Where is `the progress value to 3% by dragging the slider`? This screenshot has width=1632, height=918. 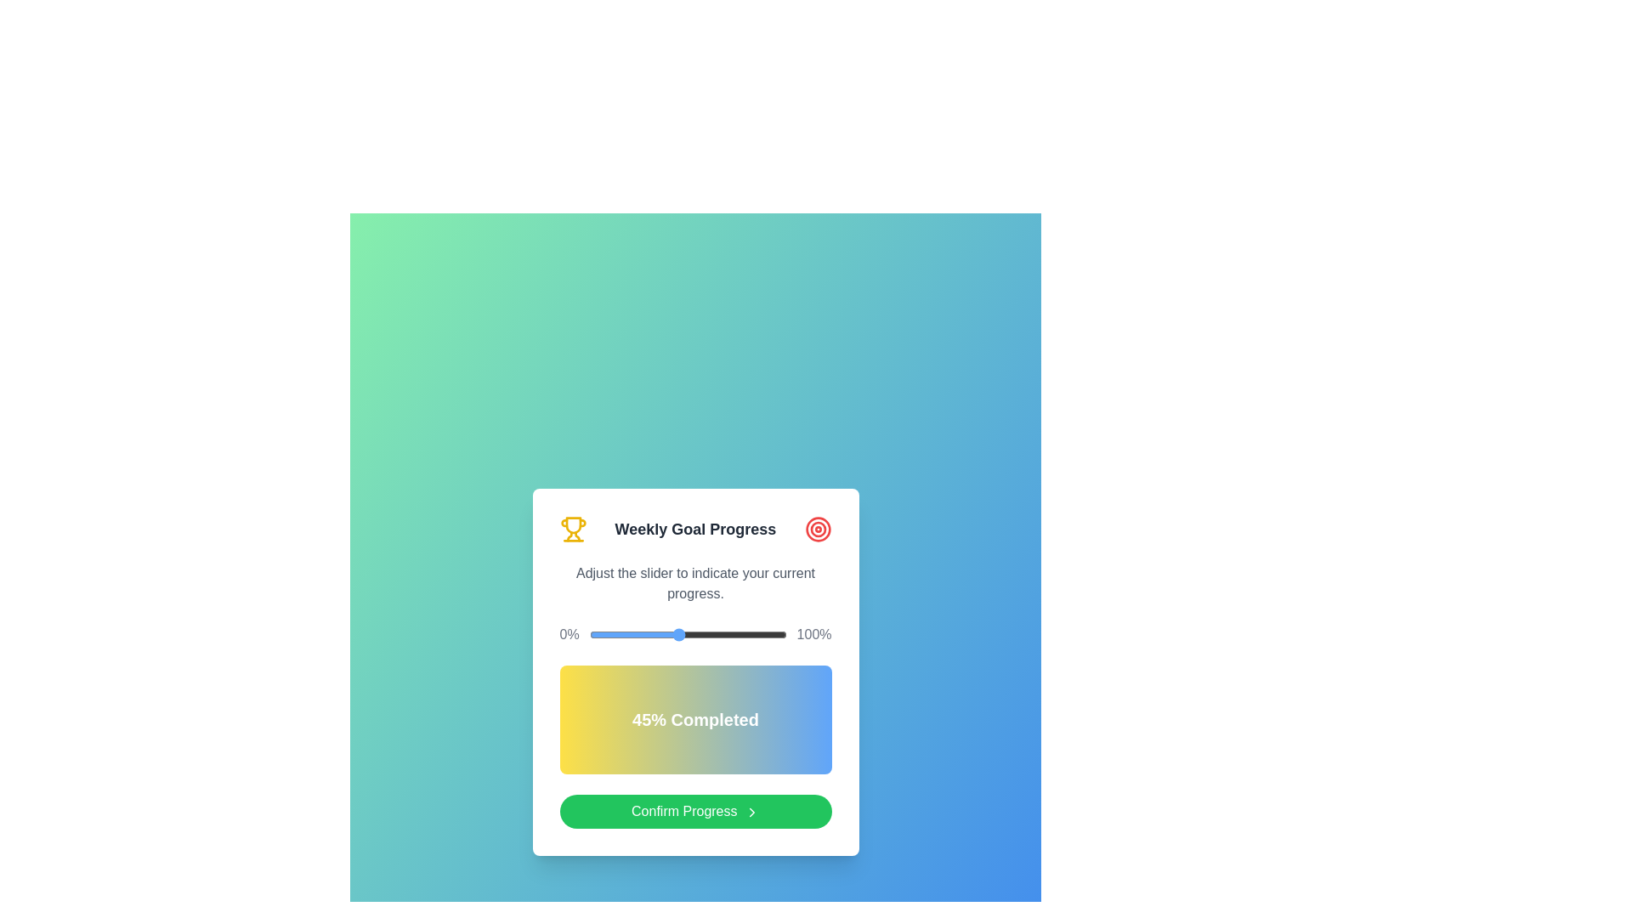
the progress value to 3% by dragging the slider is located at coordinates (595, 635).